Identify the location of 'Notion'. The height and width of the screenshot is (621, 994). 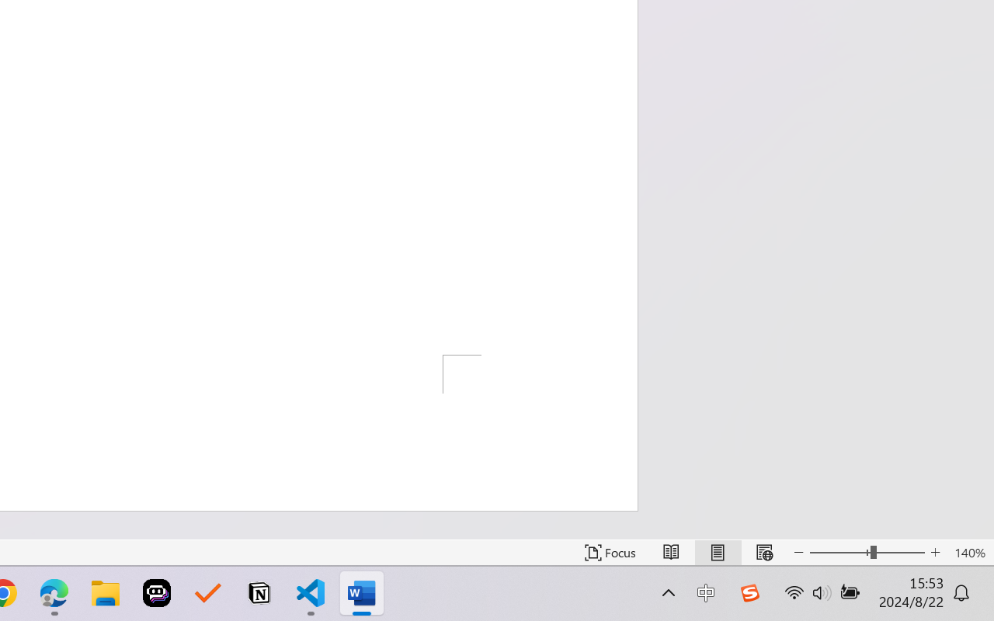
(259, 593).